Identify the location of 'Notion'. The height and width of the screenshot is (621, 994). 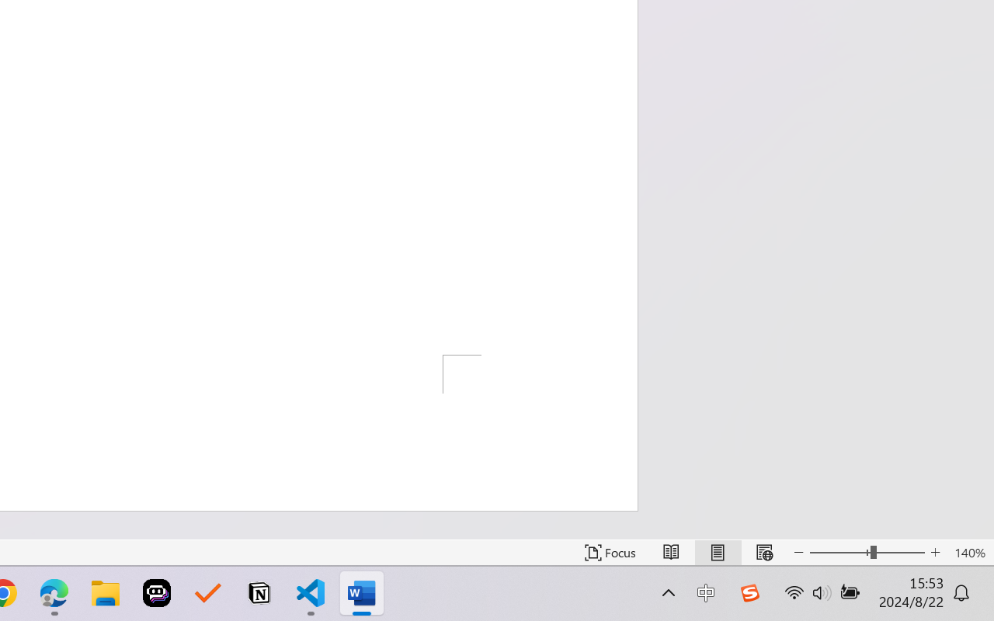
(259, 593).